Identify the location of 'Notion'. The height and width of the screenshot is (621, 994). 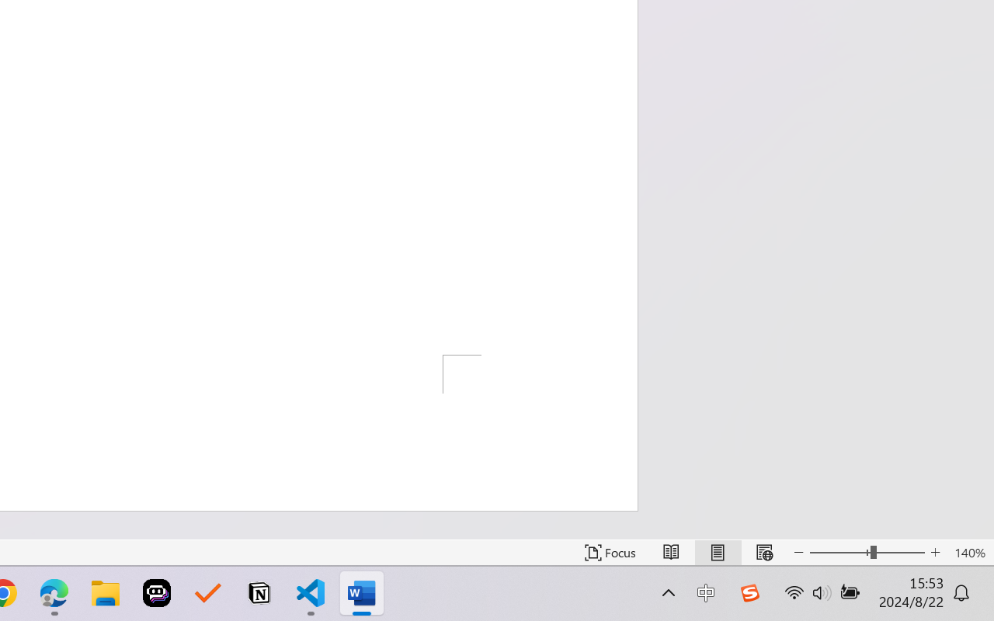
(259, 593).